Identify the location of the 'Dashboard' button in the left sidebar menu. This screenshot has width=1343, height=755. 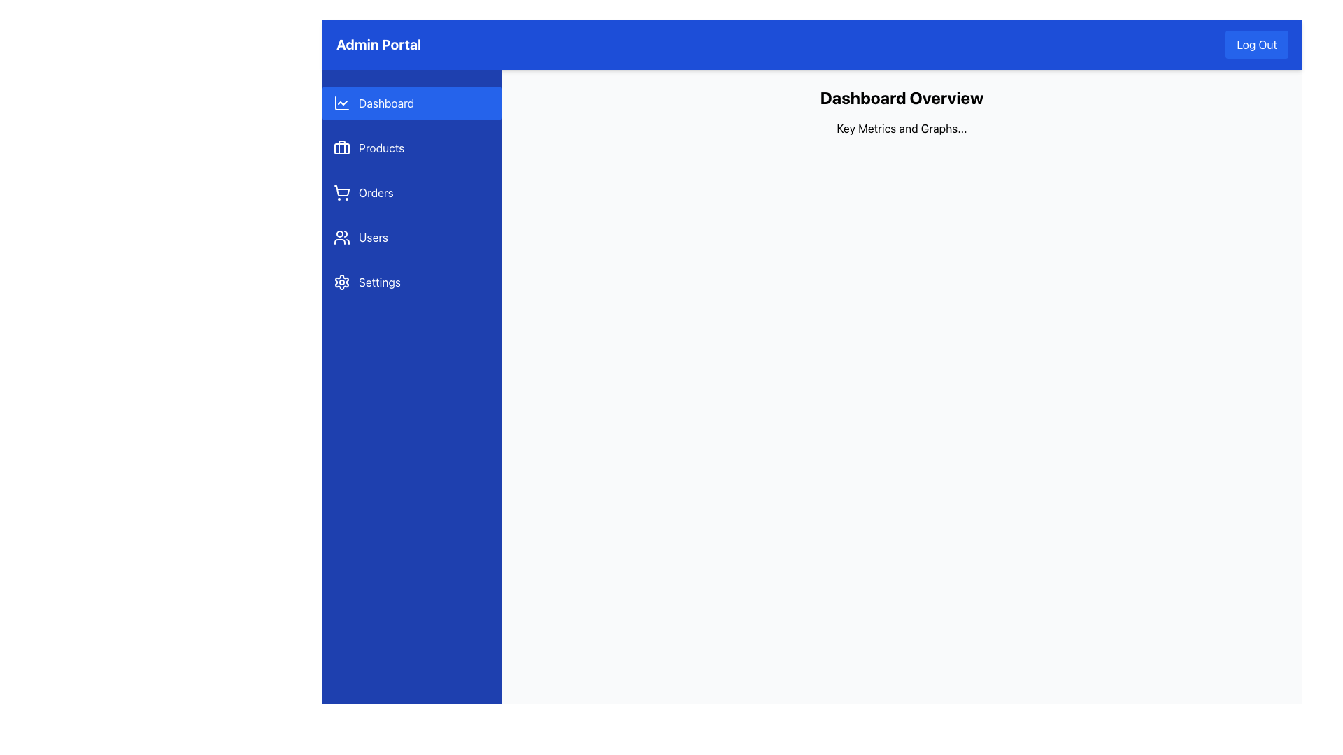
(411, 102).